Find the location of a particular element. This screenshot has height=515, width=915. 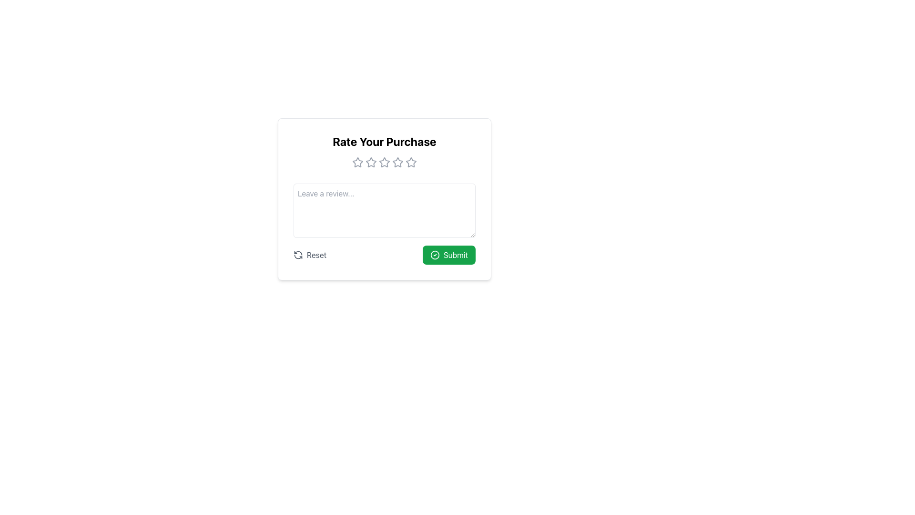

the middle (third) rating star in a horizontal line of five stars to set the rating to 3 out of 5 is located at coordinates (384, 162).